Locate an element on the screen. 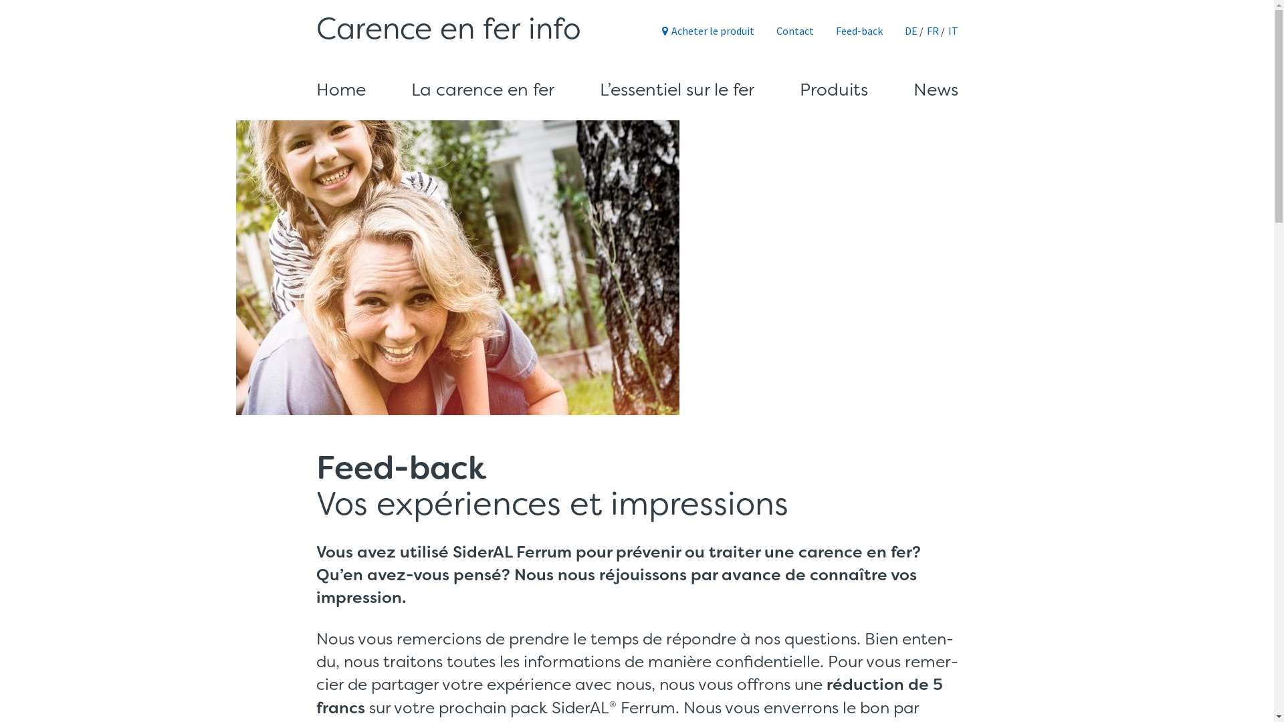 This screenshot has width=1284, height=722. 'Contact' is located at coordinates (794, 30).